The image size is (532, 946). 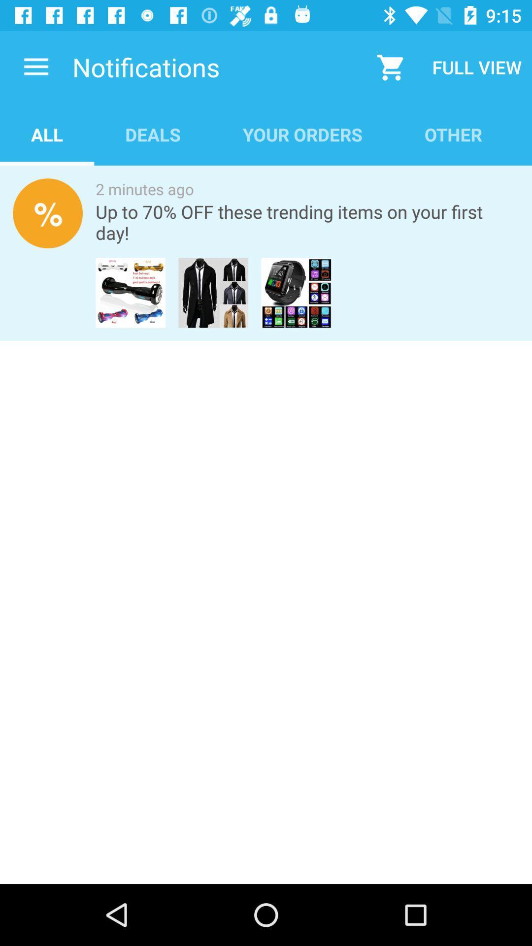 What do you see at coordinates (302, 134) in the screenshot?
I see `icon to the left of the other` at bounding box center [302, 134].